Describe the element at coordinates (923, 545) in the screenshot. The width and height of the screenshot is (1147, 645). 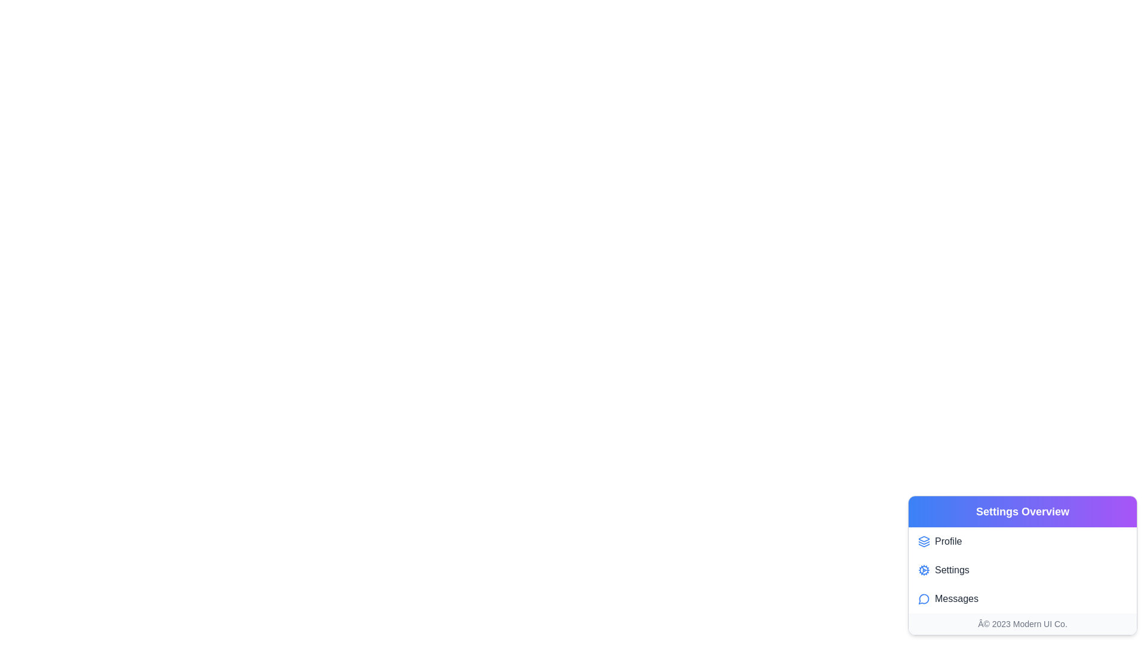
I see `the decorative vector graphic with a triangular shape and curved edges, styled in hollow form, located in the 'Profile' section of the 'Settings Overview' card` at that location.